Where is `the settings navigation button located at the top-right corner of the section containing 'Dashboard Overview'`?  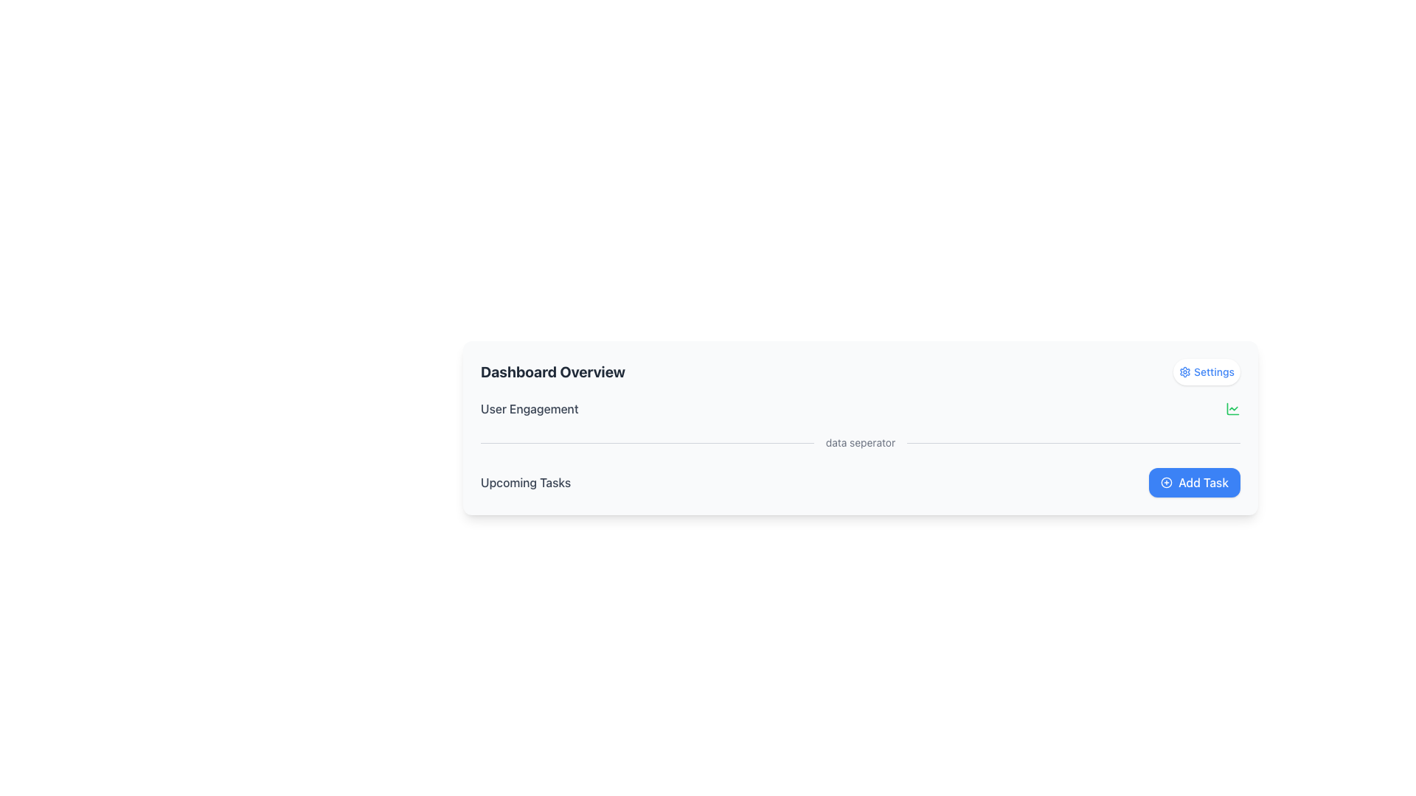 the settings navigation button located at the top-right corner of the section containing 'Dashboard Overview' is located at coordinates (1207, 371).